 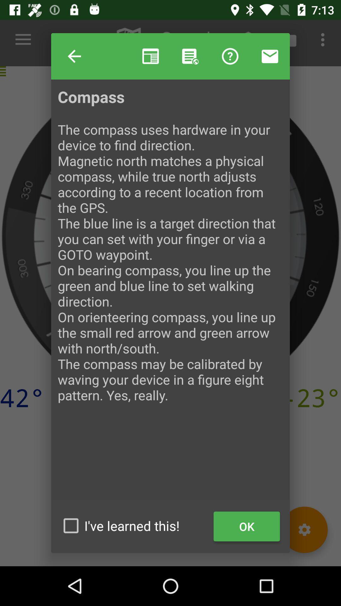 I want to click on item at the top left corner, so click(x=74, y=56).